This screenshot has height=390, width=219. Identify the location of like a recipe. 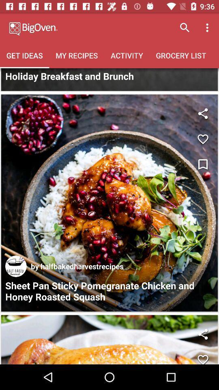
(202, 356).